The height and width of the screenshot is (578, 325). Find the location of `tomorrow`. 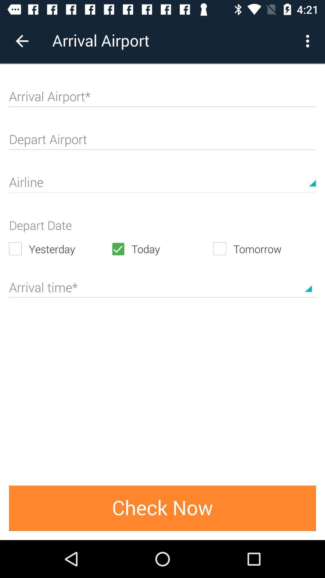

tomorrow is located at coordinates (264, 249).